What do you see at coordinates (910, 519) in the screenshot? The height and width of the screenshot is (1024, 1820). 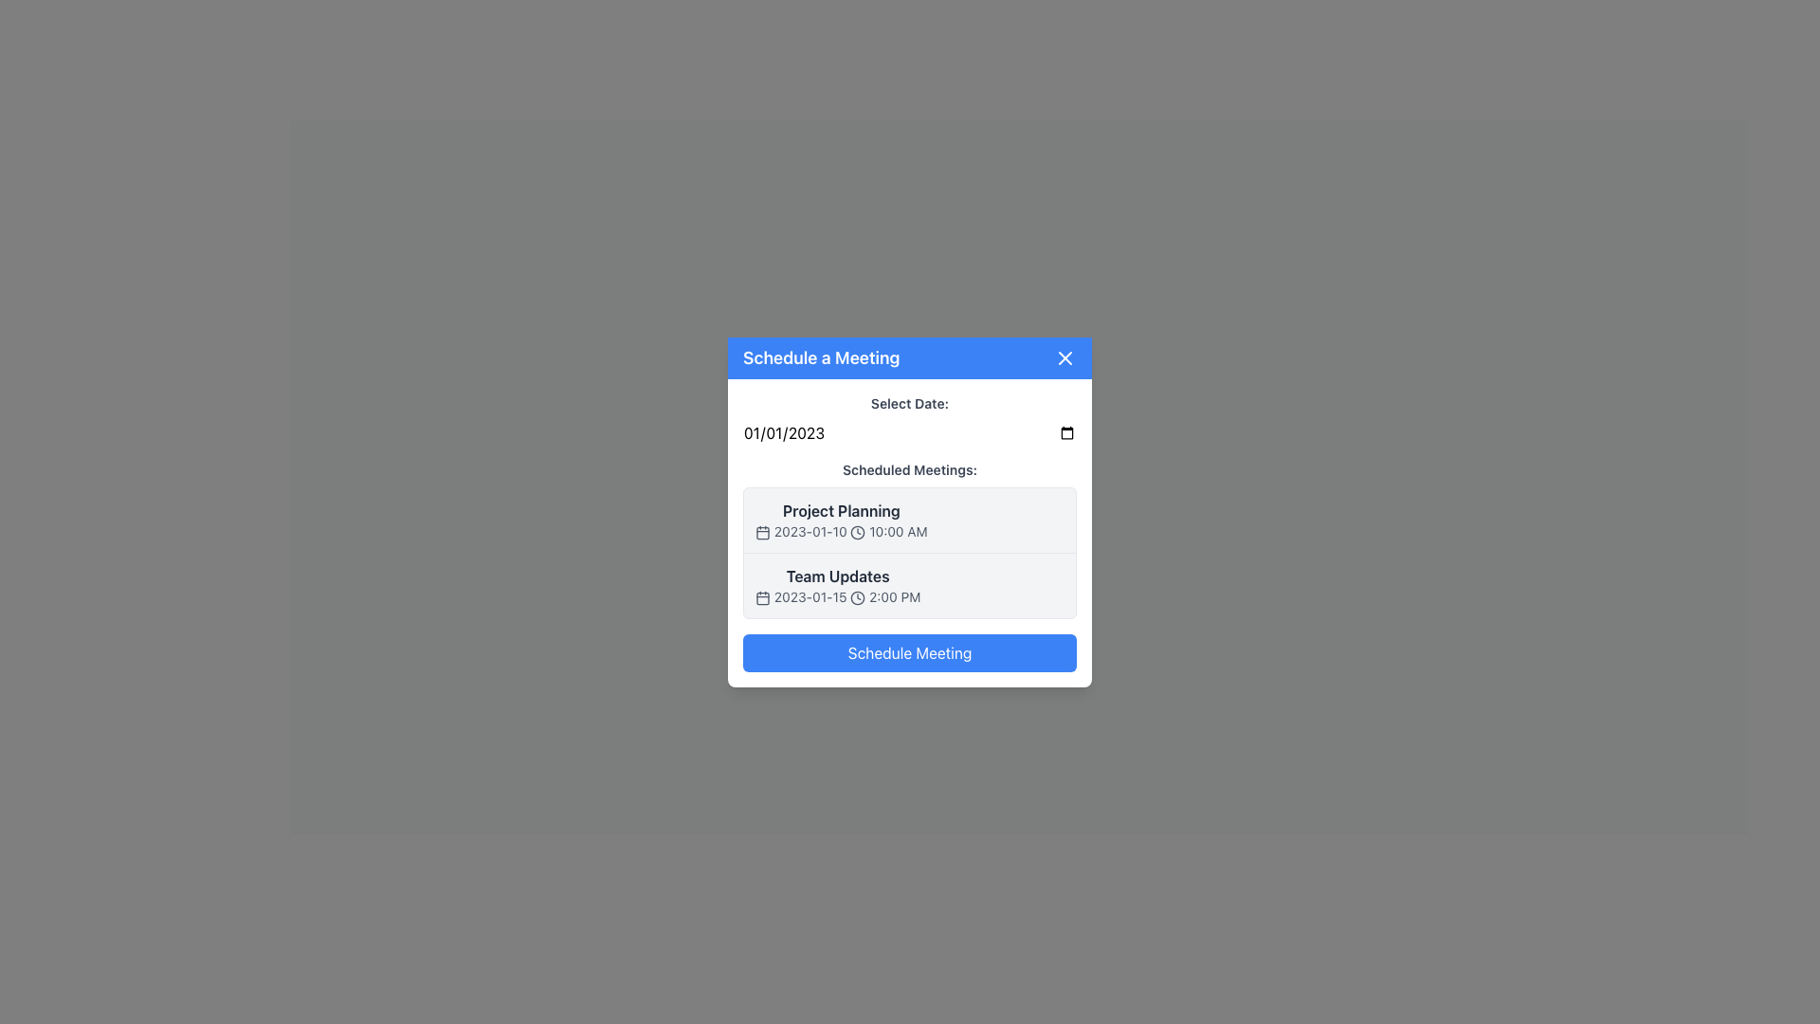 I see `the first entry in the 'Scheduled Meetings:' list that provides detailed information about a scheduled meeting, including title, date, and time` at bounding box center [910, 519].